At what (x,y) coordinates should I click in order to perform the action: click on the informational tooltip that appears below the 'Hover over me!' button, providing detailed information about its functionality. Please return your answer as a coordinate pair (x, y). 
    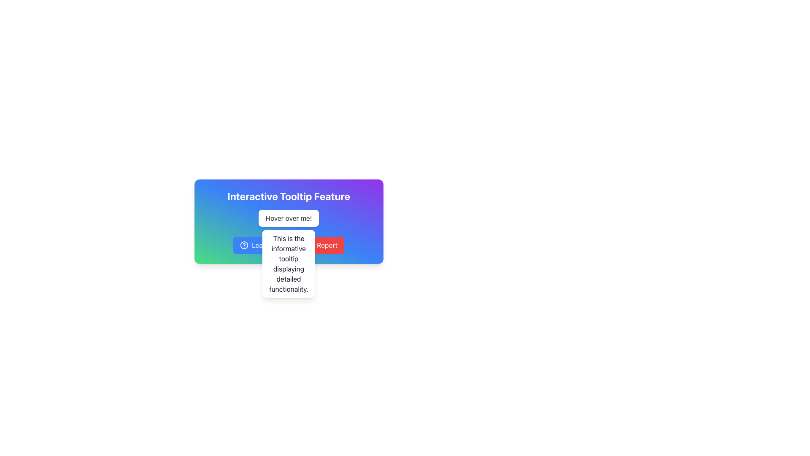
    Looking at the image, I should click on (289, 263).